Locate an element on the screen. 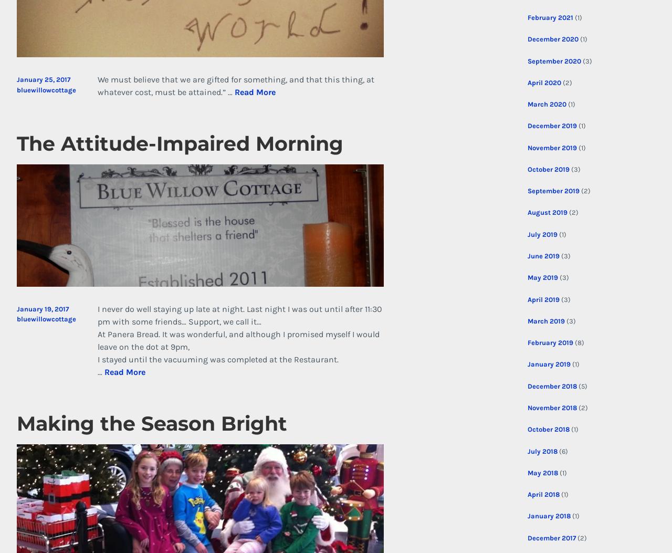 The height and width of the screenshot is (553, 672). 'May 2018' is located at coordinates (527, 472).